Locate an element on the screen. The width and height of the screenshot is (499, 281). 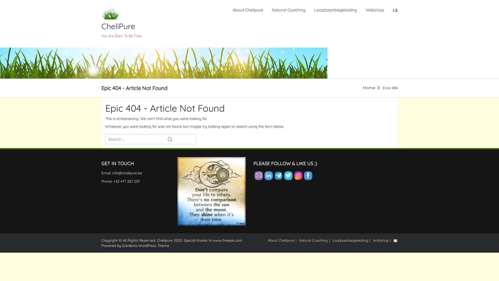
'Gardenia WordPress Theme' is located at coordinates (146, 246).